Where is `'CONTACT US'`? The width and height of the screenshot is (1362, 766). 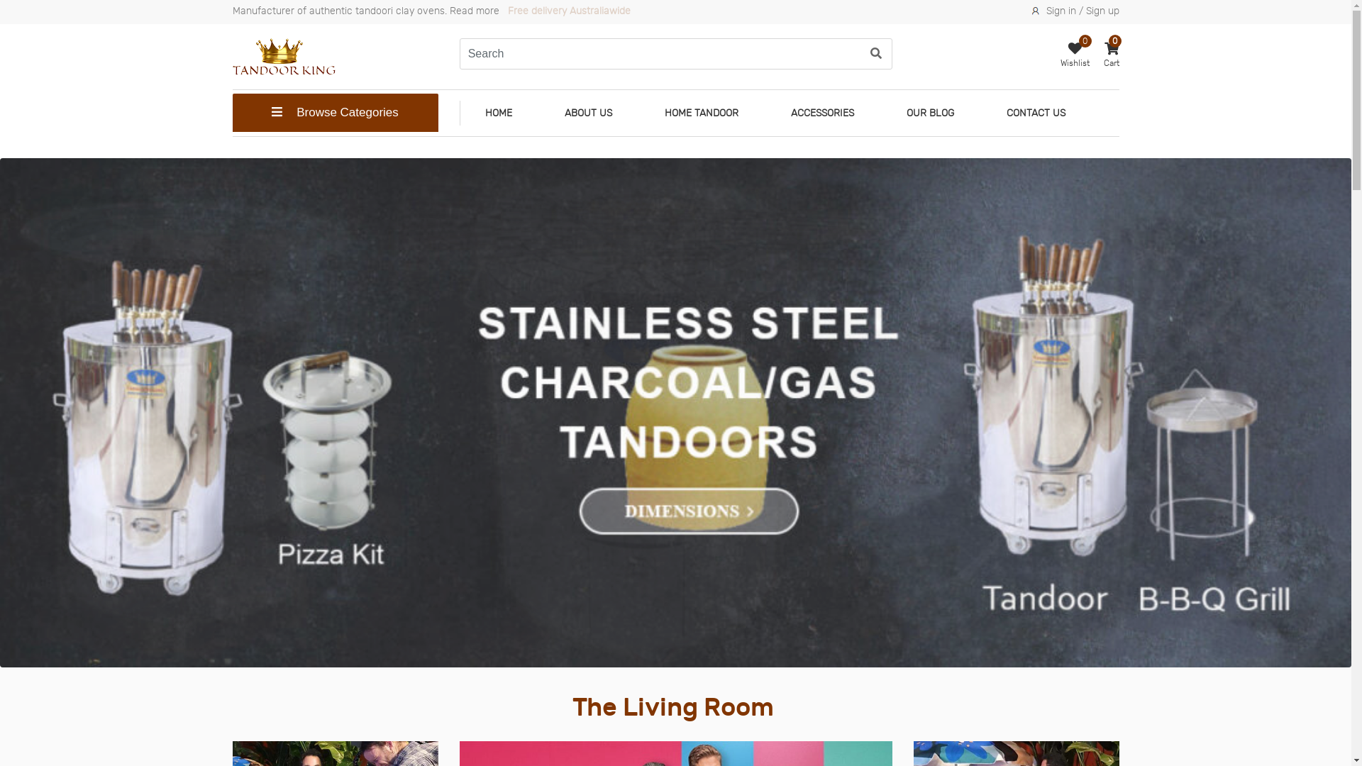
'CONTACT US' is located at coordinates (995, 112).